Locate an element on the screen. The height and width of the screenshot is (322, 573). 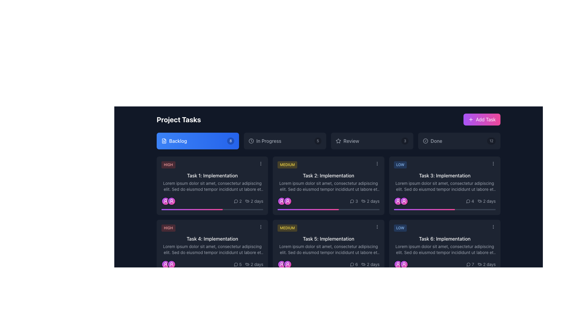
the Icon Group consisting of two overlapping circular avatars with user icons is located at coordinates (284, 201).